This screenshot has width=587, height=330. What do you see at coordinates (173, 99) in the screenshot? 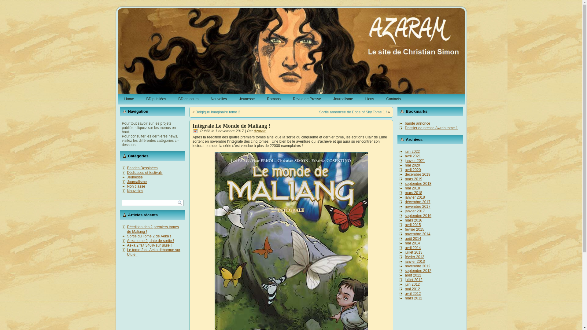
I see `'BD en cours'` at bounding box center [173, 99].